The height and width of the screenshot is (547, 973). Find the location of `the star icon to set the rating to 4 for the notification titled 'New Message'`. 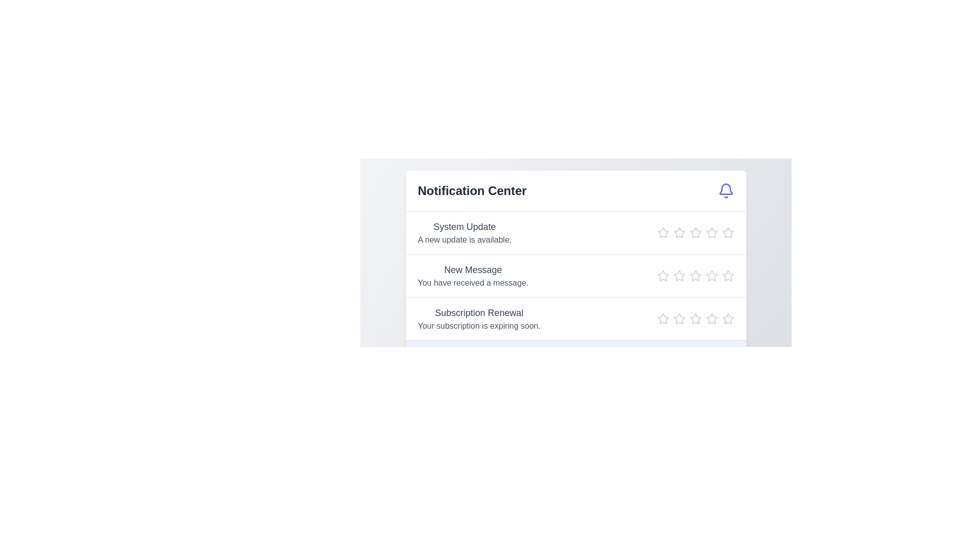

the star icon to set the rating to 4 for the notification titled 'New Message' is located at coordinates (711, 276).